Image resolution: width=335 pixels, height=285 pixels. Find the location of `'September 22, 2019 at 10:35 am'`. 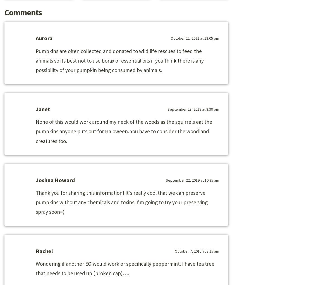

'September 22, 2019 at 10:35 am' is located at coordinates (192, 180).